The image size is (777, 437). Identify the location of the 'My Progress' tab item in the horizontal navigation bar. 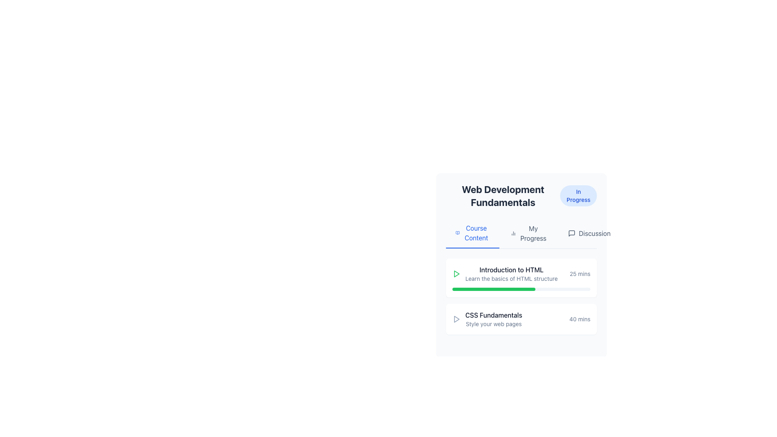
(521, 233).